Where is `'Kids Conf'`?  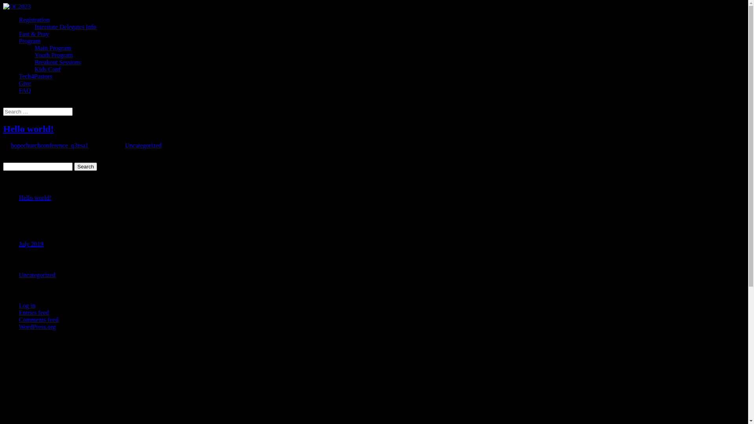
'Kids Conf' is located at coordinates (47, 69).